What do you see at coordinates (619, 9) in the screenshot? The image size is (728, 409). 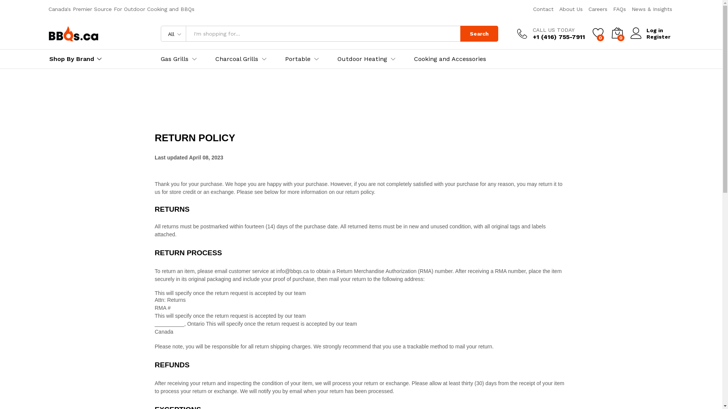 I see `'FAQs'` at bounding box center [619, 9].